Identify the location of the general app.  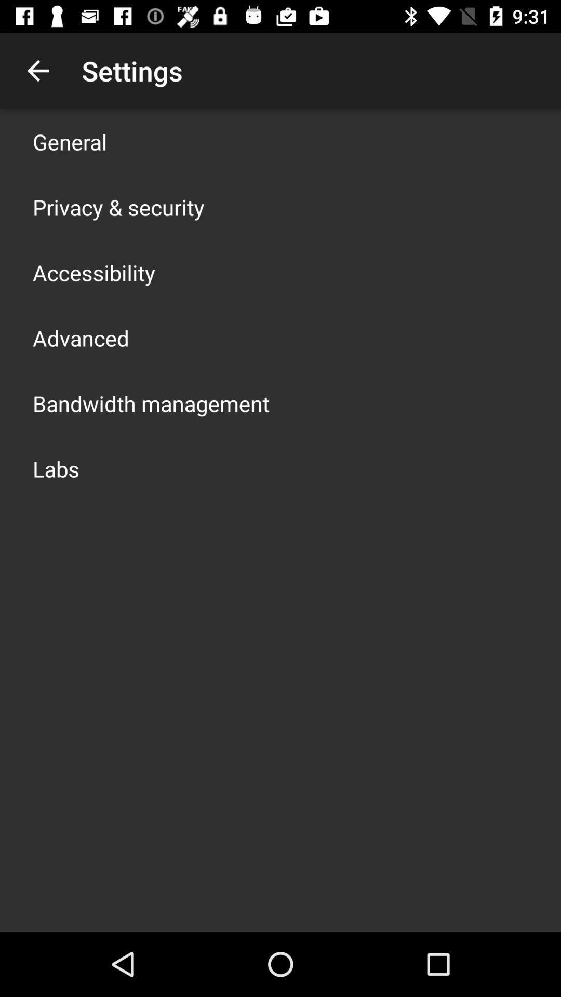
(70, 141).